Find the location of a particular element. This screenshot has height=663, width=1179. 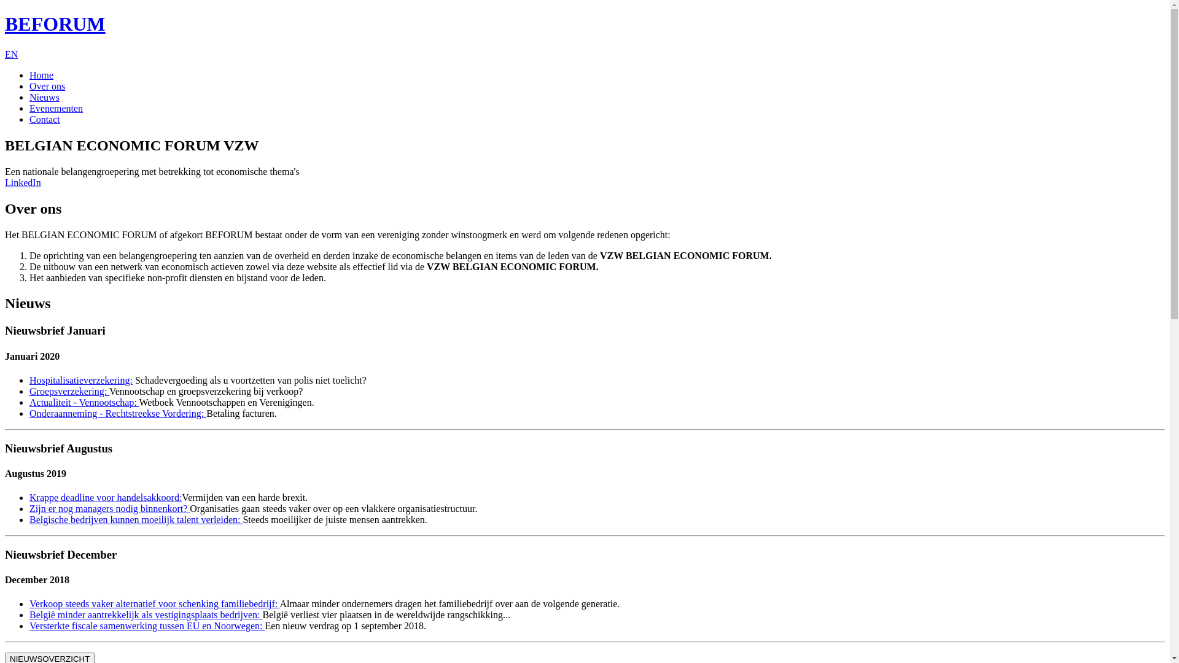

'Krappe deadline voor handelsakkoord:' is located at coordinates (106, 497).